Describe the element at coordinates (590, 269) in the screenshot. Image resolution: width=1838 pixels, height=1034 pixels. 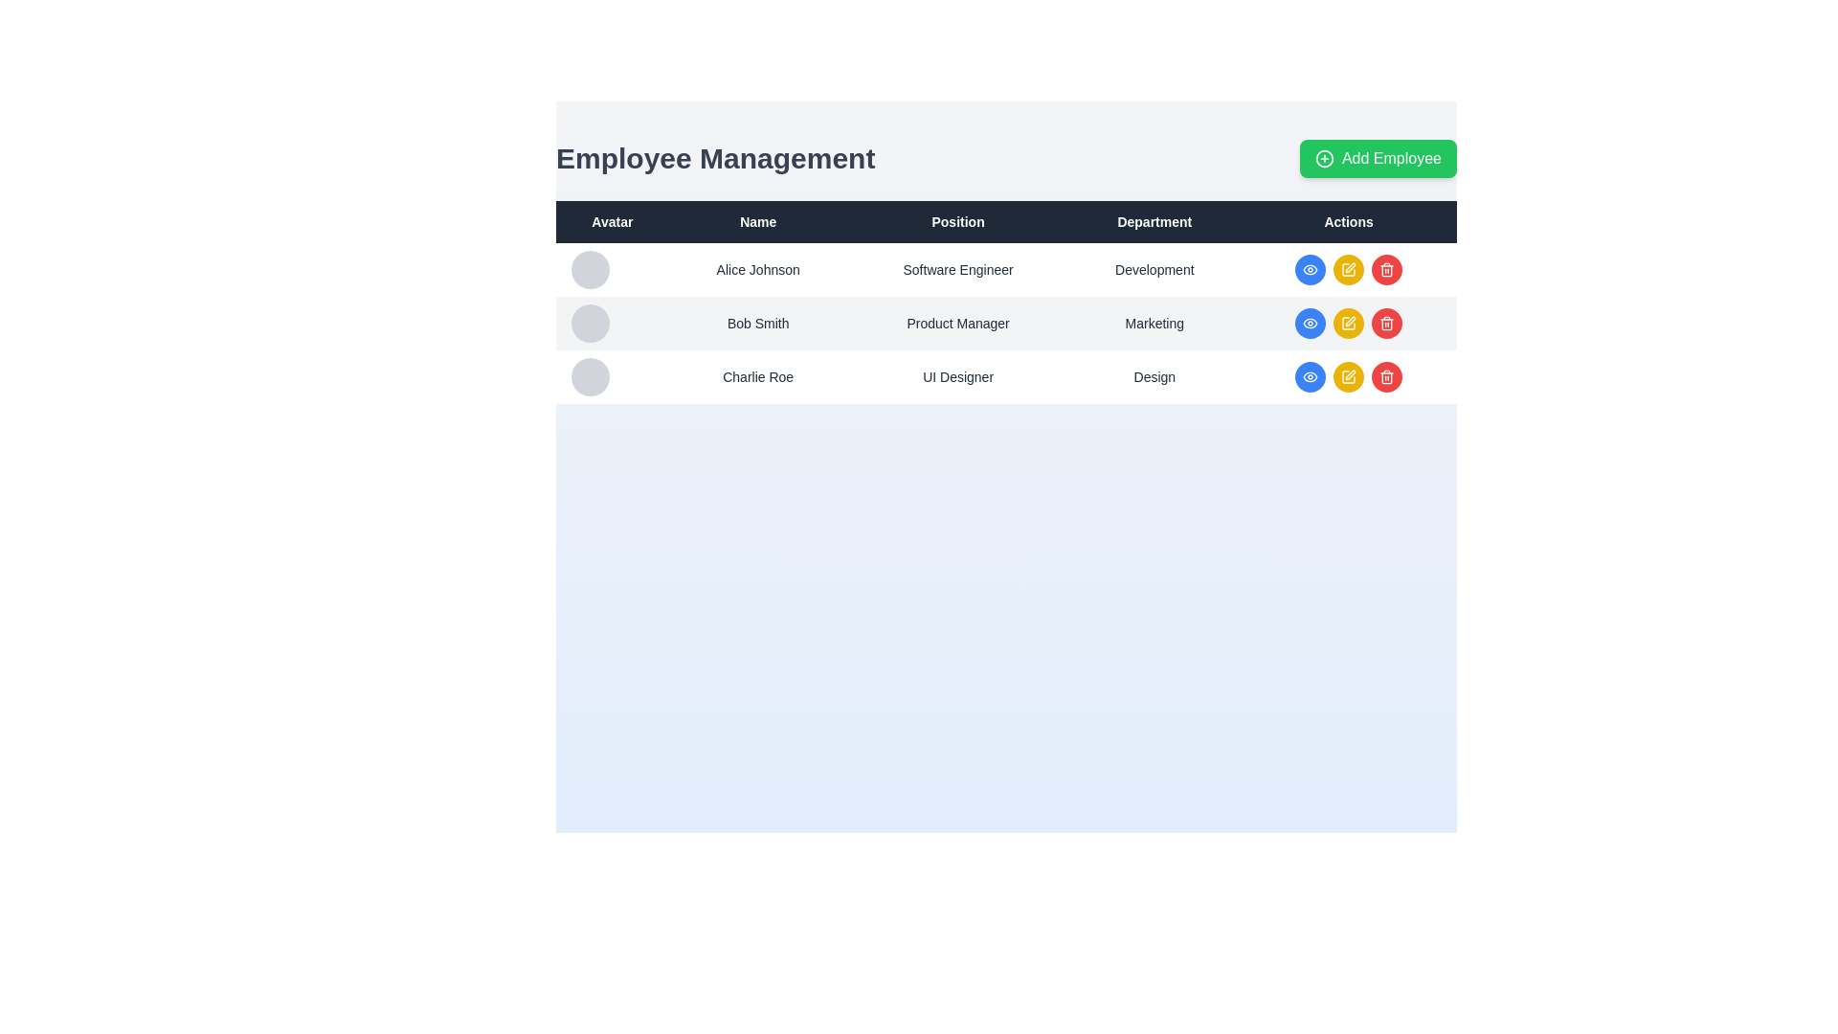
I see `the circular avatar placeholder for employee Alice Johnson in the employee management table` at that location.